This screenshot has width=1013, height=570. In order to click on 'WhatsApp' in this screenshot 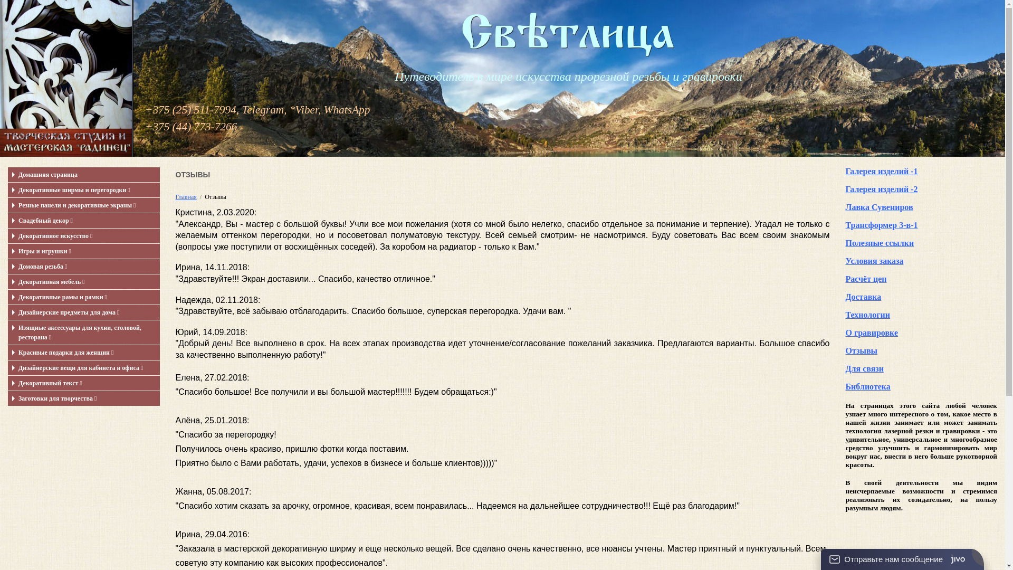, I will do `click(323, 110)`.